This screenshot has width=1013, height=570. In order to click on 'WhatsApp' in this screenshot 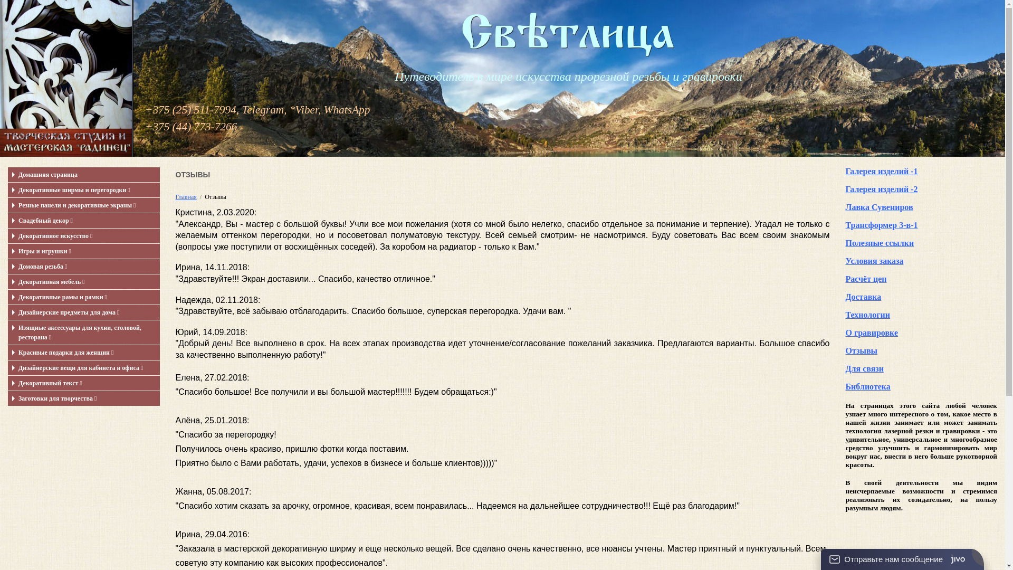, I will do `click(323, 110)`.